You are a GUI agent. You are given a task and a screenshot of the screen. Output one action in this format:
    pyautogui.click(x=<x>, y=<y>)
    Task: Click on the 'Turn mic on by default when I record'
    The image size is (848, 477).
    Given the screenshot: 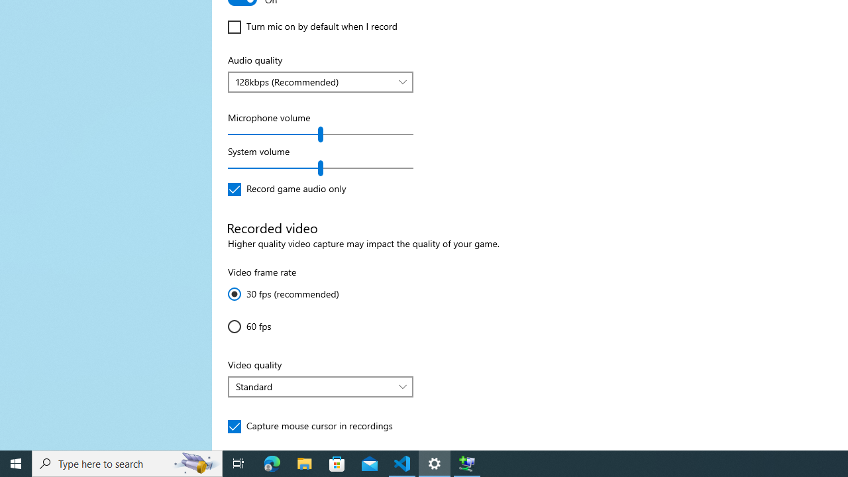 What is the action you would take?
    pyautogui.click(x=312, y=27)
    